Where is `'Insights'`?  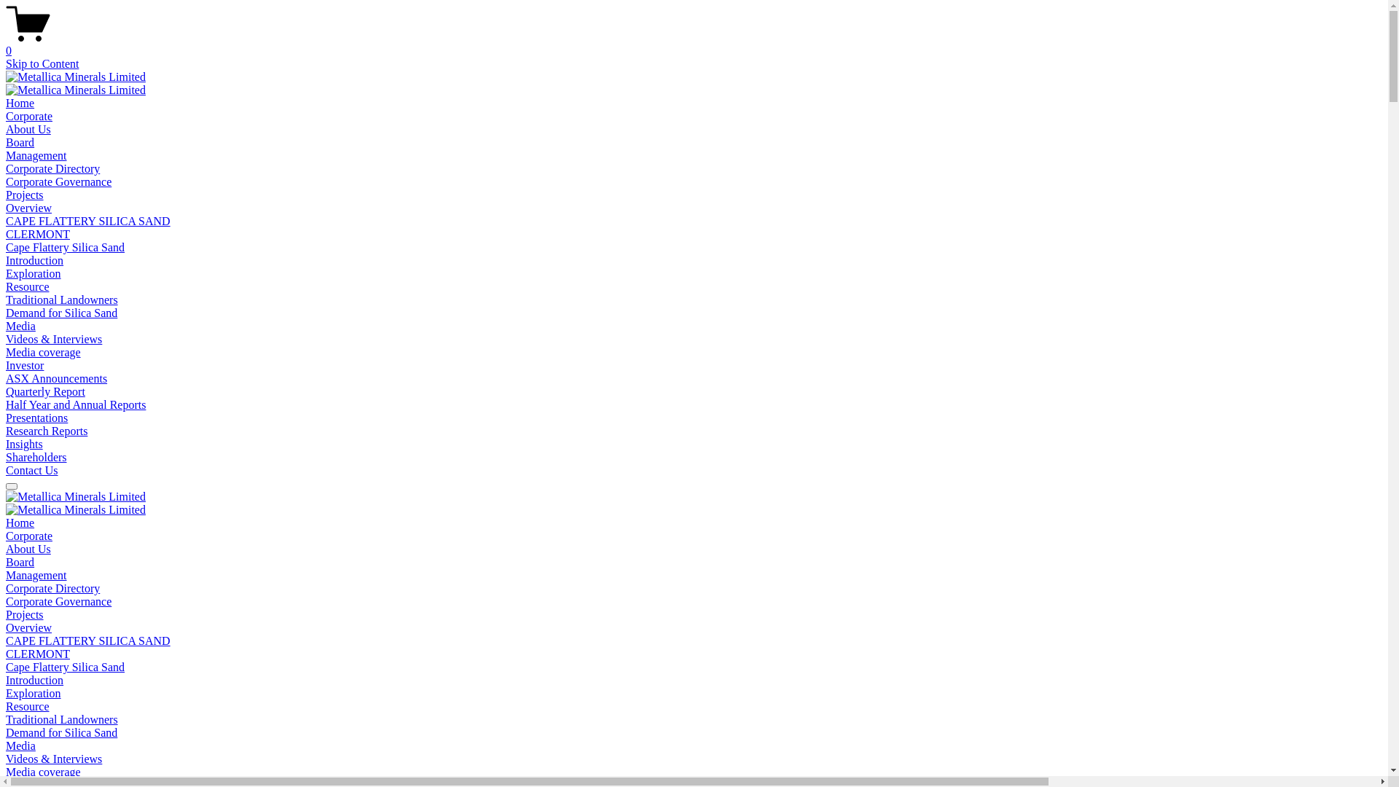
'Insights' is located at coordinates (24, 443).